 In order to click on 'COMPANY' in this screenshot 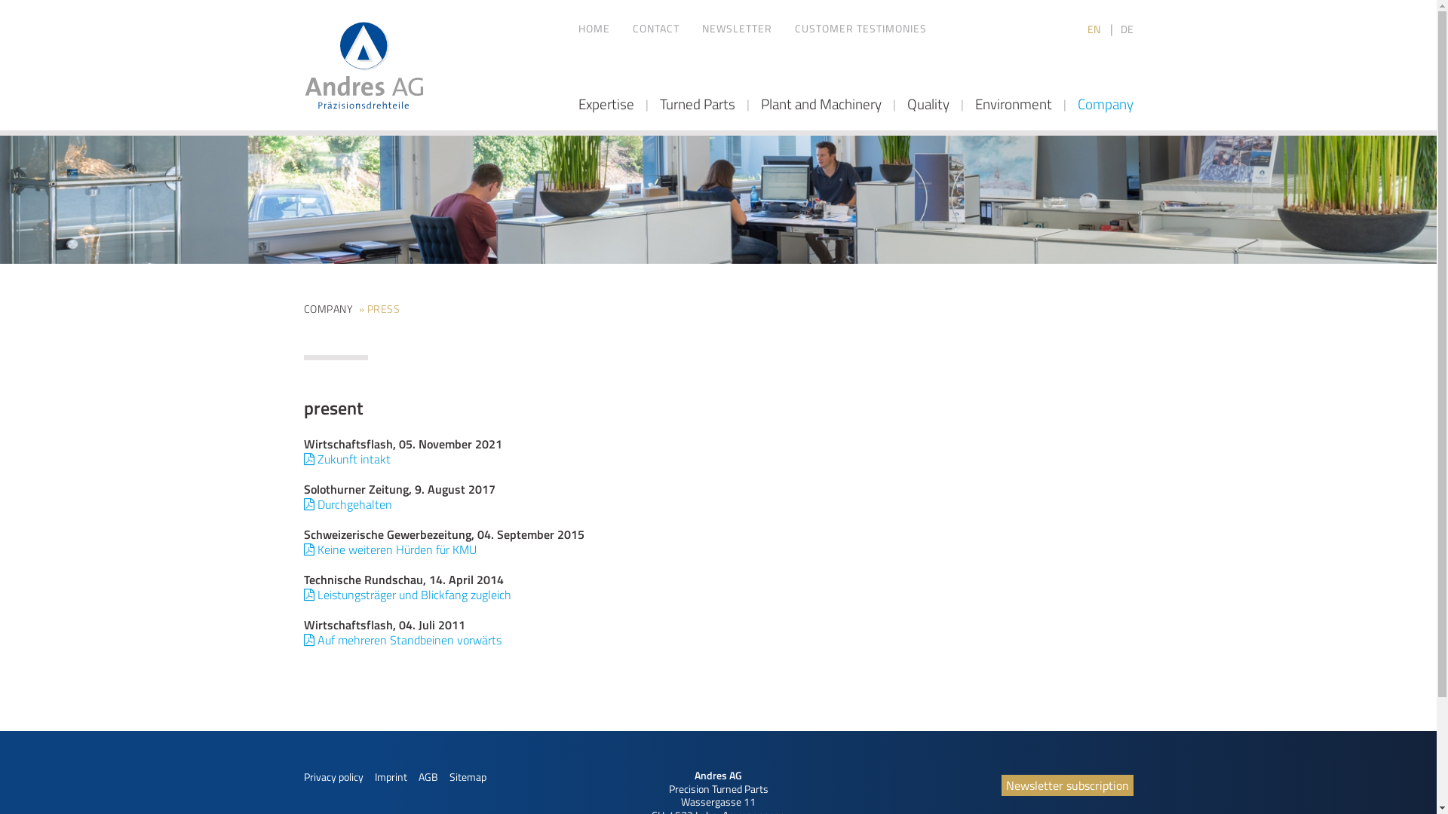, I will do `click(327, 308)`.